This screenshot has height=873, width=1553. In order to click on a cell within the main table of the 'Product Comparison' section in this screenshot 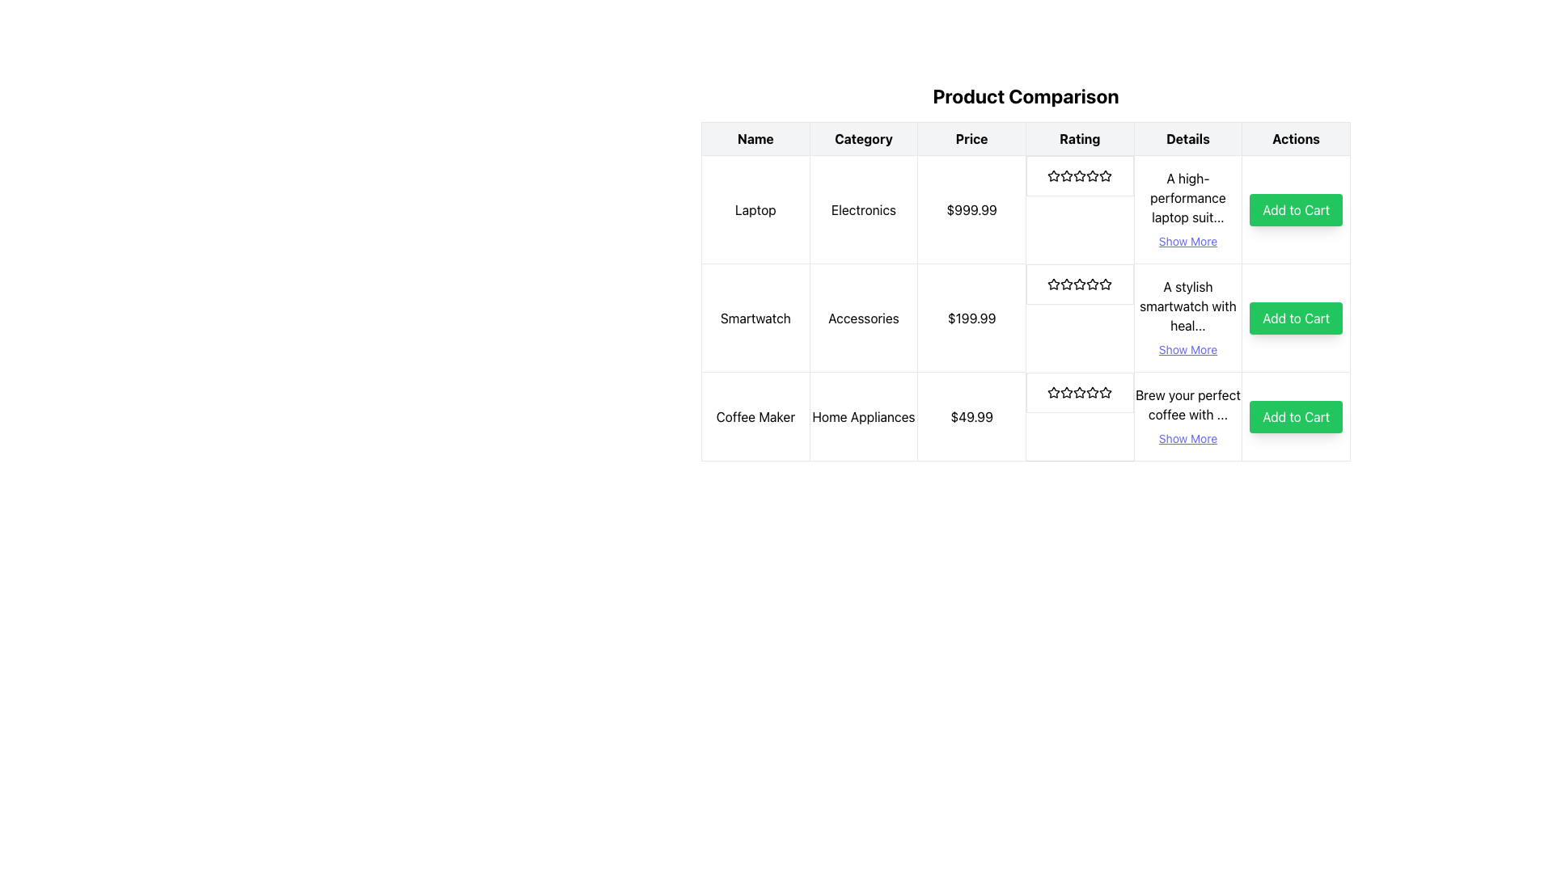, I will do `click(1025, 292)`.